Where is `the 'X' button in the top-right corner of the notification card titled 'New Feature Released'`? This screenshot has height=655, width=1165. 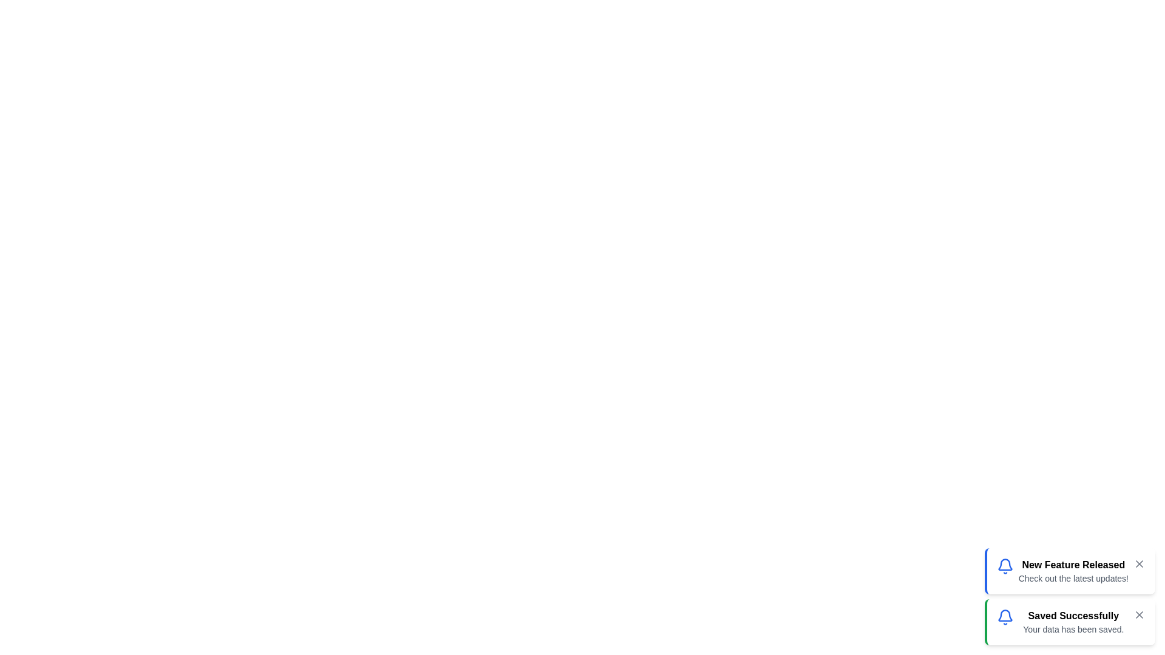 the 'X' button in the top-right corner of the notification card titled 'New Feature Released' is located at coordinates (1138, 563).